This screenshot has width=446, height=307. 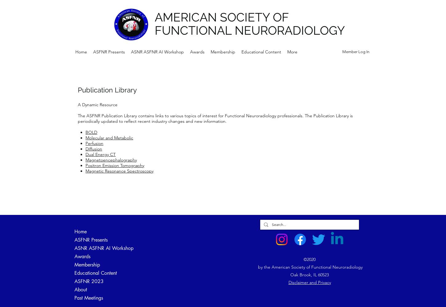 What do you see at coordinates (179, 289) in the screenshot?
I see `'Clinical Standards'` at bounding box center [179, 289].